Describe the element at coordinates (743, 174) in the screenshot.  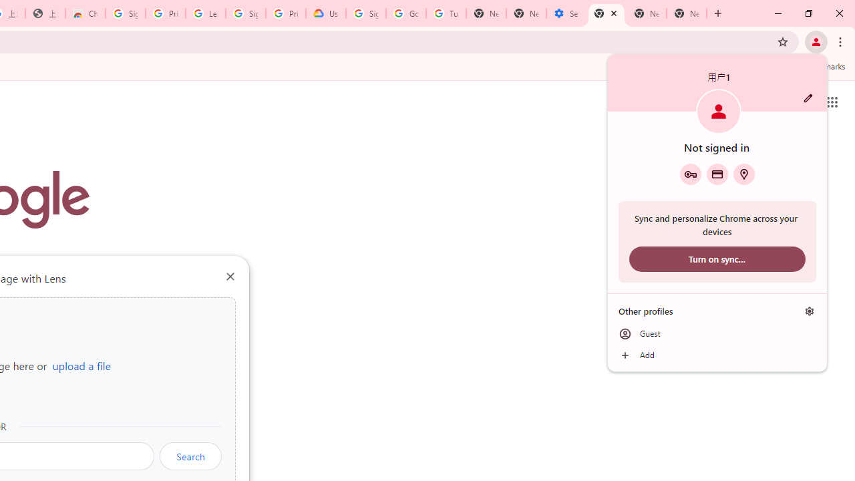
I see `'Addresses and more'` at that location.